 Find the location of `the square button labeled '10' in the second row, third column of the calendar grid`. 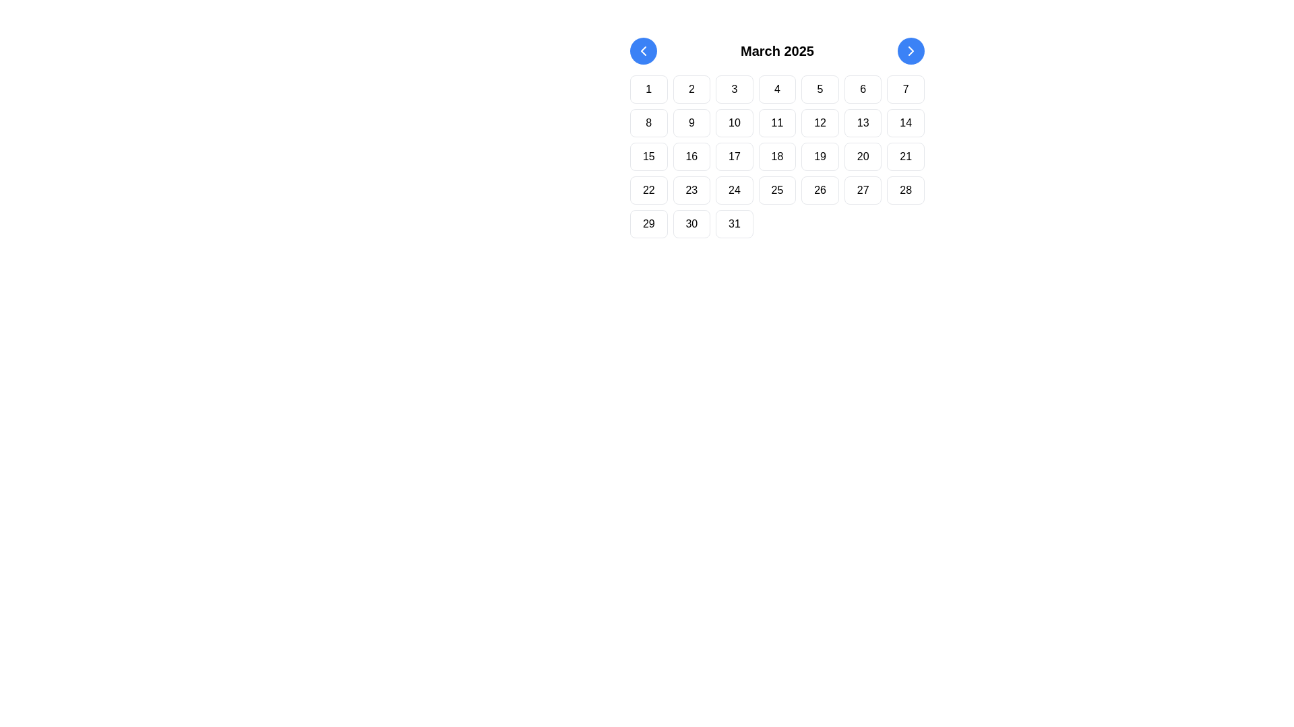

the square button labeled '10' in the second row, third column of the calendar grid is located at coordinates (733, 123).